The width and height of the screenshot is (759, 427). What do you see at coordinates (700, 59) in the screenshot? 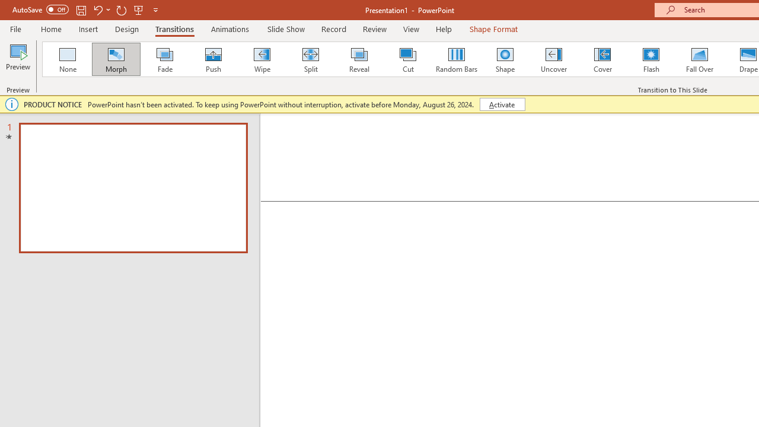
I see `'Fall Over'` at bounding box center [700, 59].